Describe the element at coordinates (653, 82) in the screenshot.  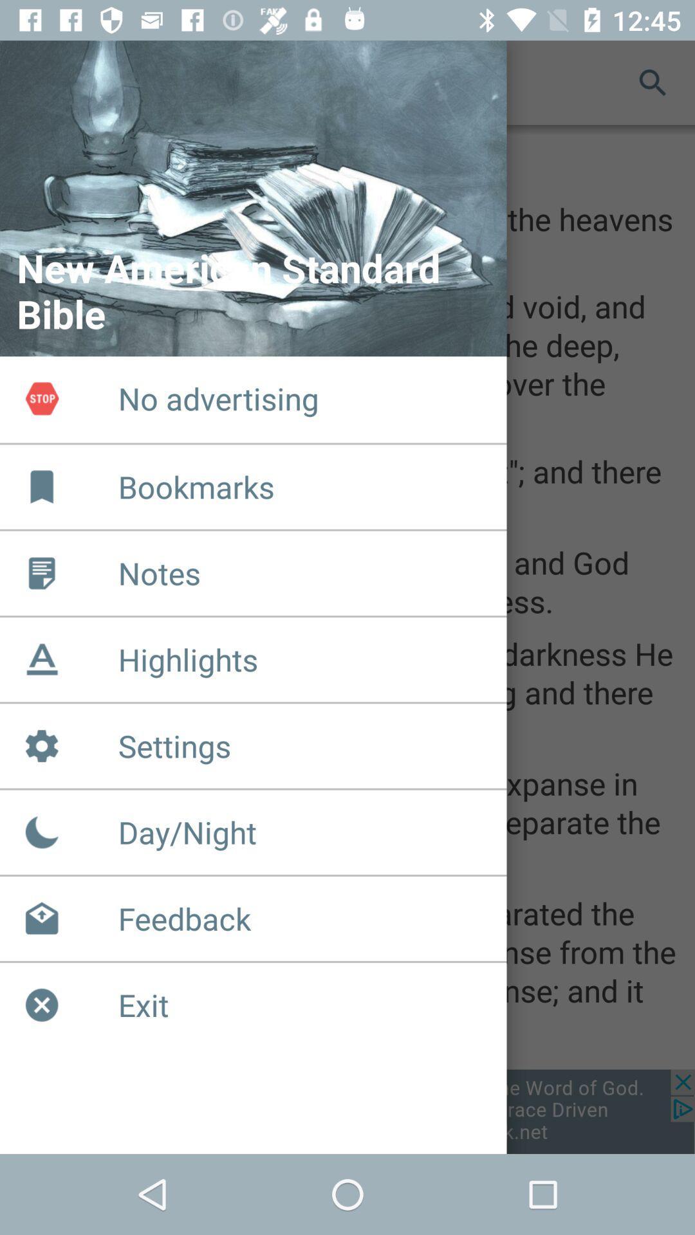
I see `the search icon` at that location.